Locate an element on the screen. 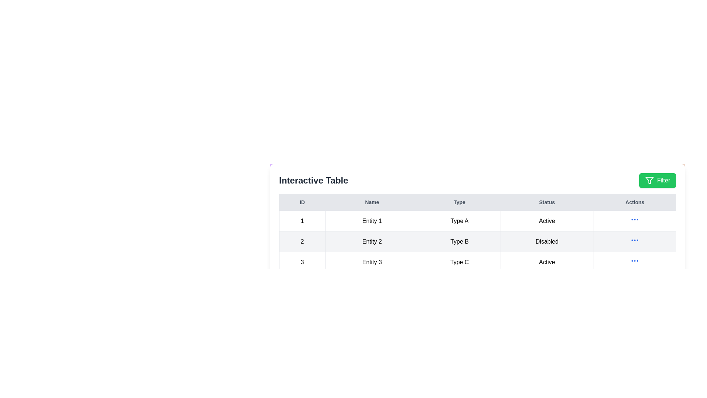  the row corresponding to 1 is located at coordinates (477, 220).